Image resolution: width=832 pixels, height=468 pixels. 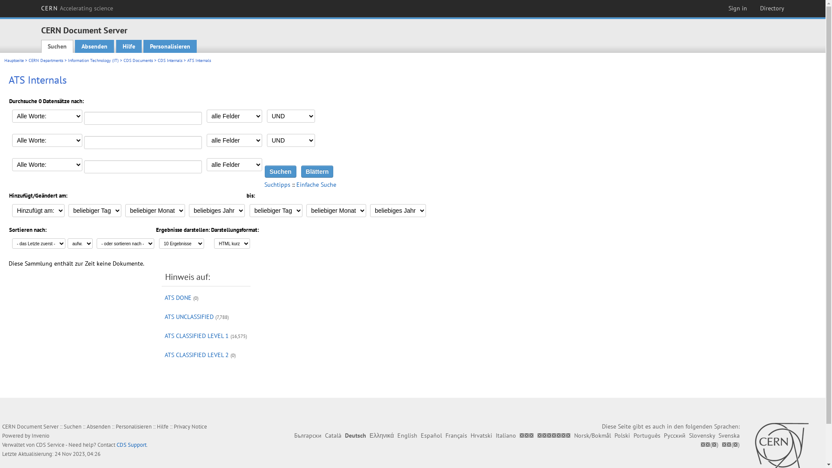 What do you see at coordinates (407, 435) in the screenshot?
I see `'English'` at bounding box center [407, 435].